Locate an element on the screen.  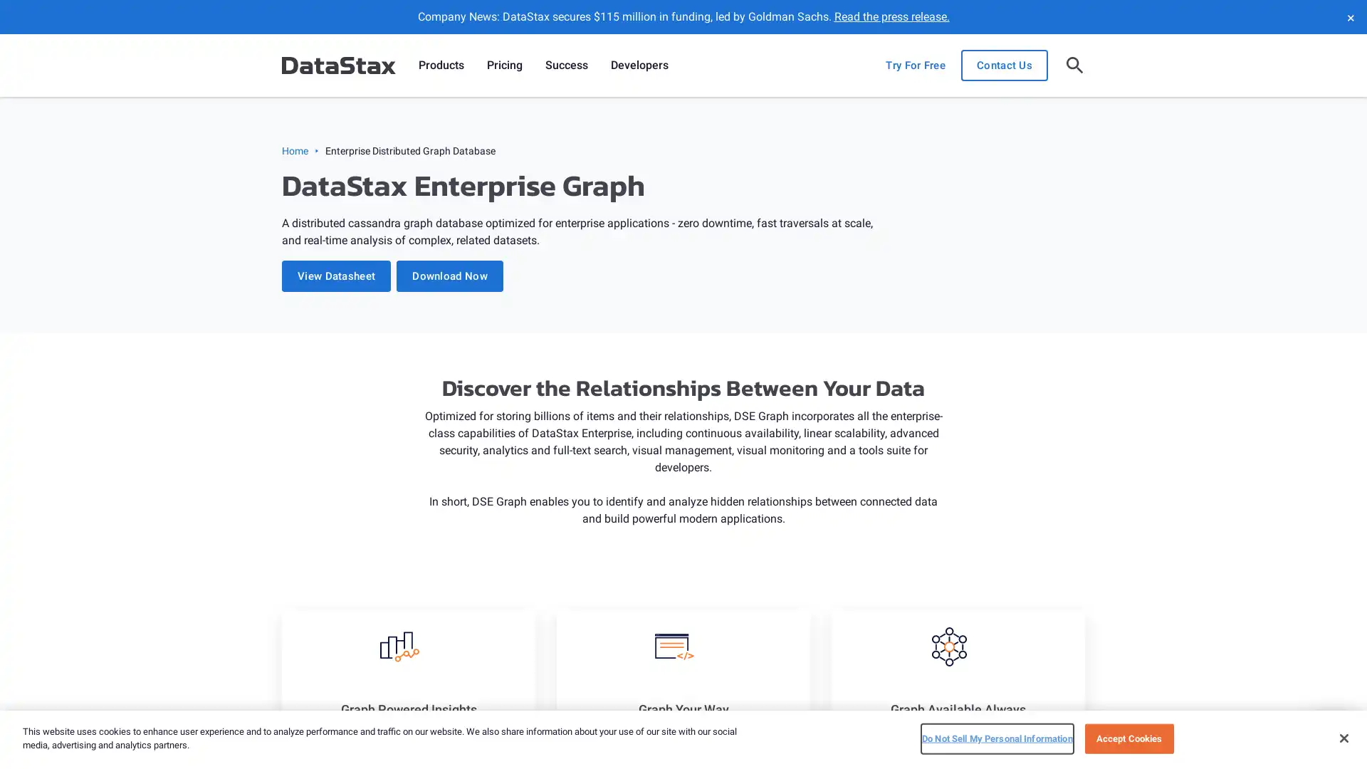
Dismiss is located at coordinates (1349, 16).